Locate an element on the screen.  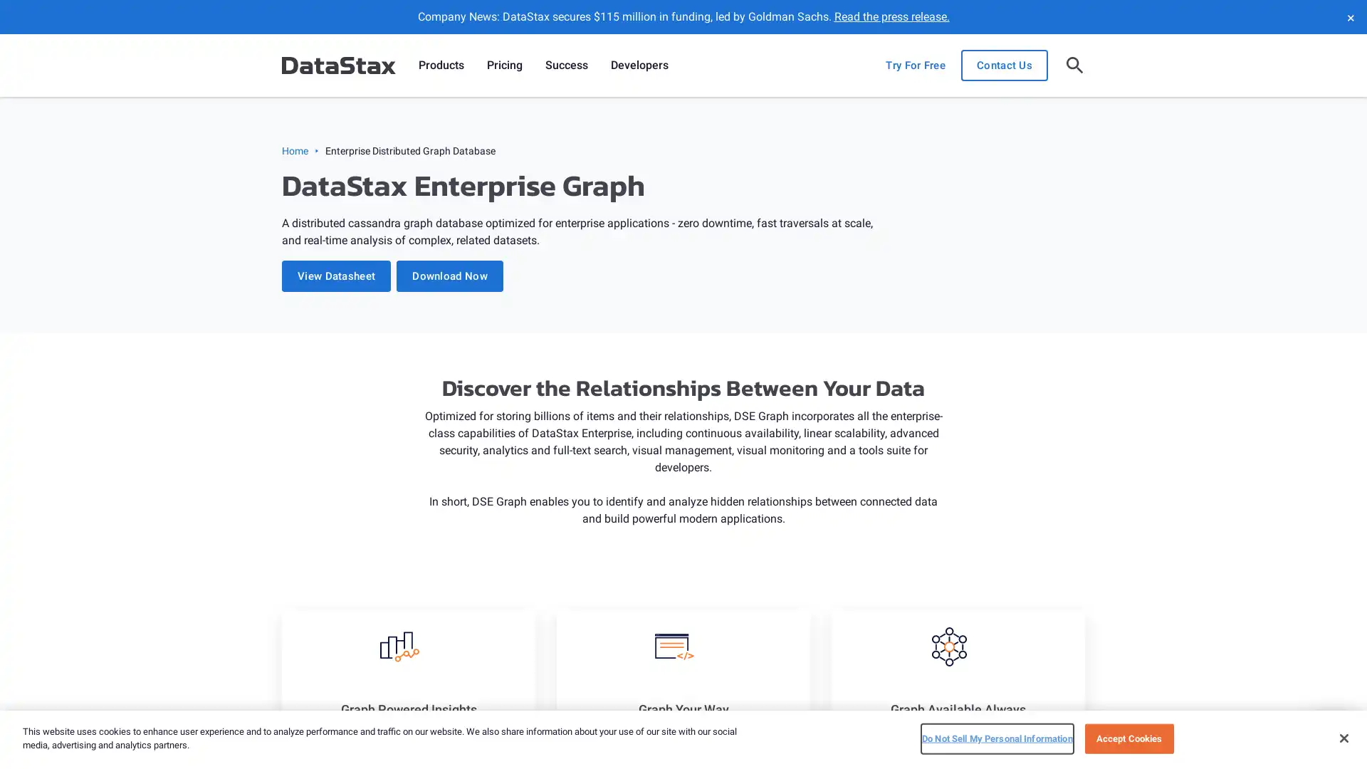
Dismiss is located at coordinates (1349, 16).